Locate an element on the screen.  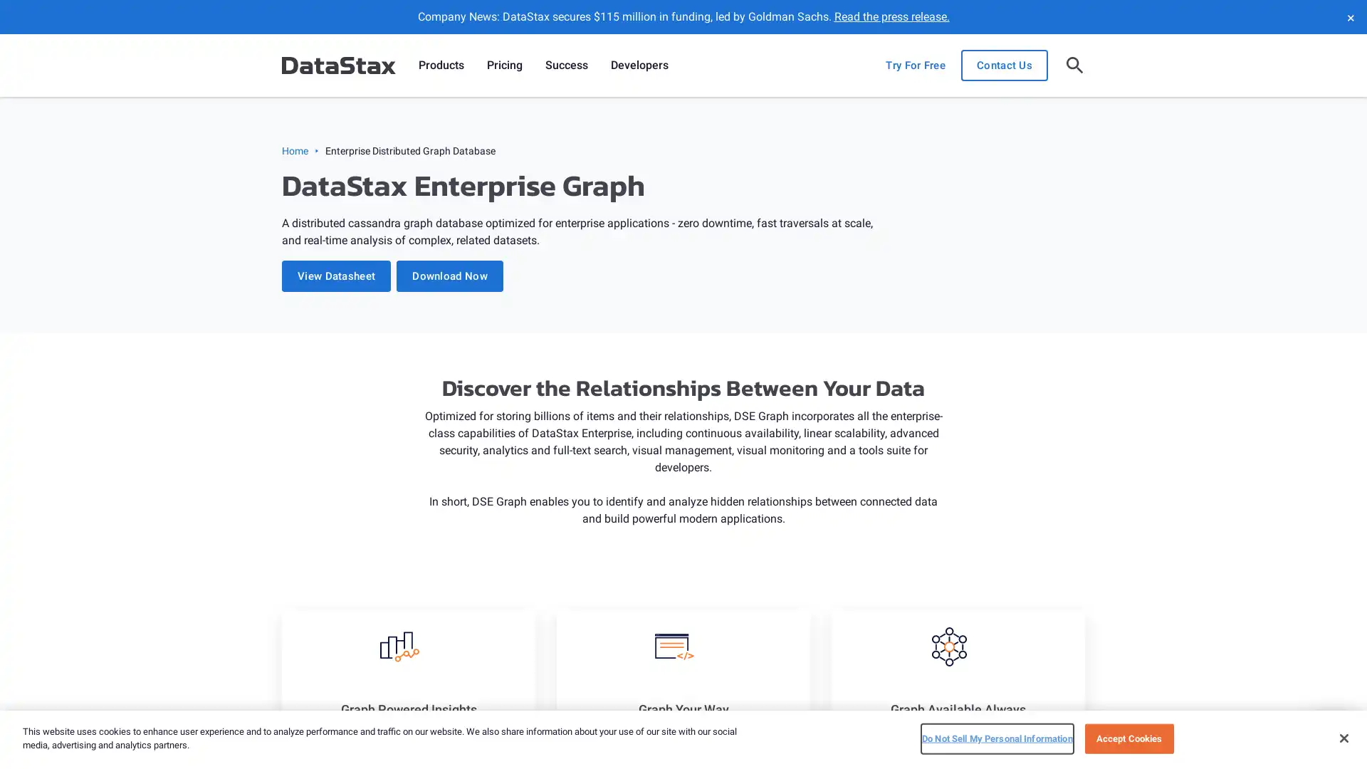
Dismiss is located at coordinates (1349, 16).